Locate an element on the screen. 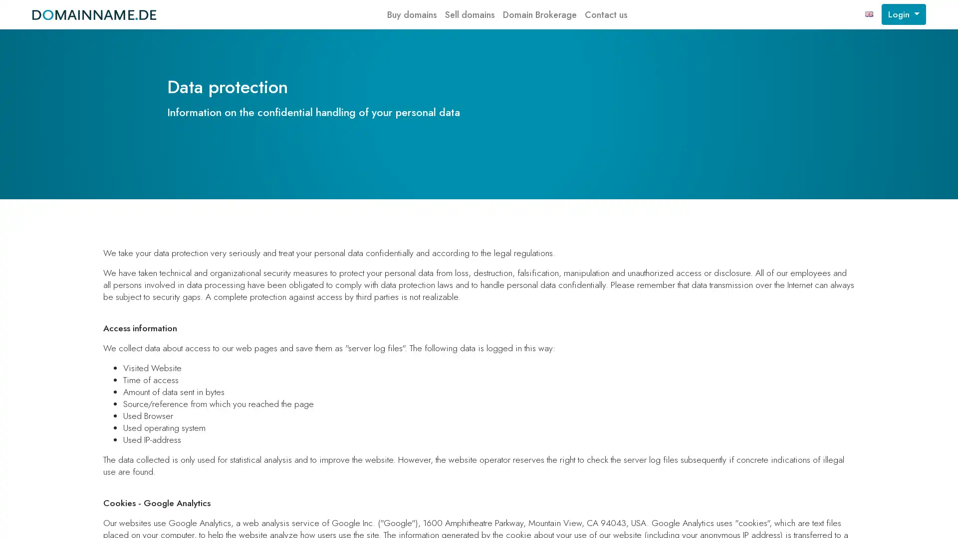  english is located at coordinates (869, 14).